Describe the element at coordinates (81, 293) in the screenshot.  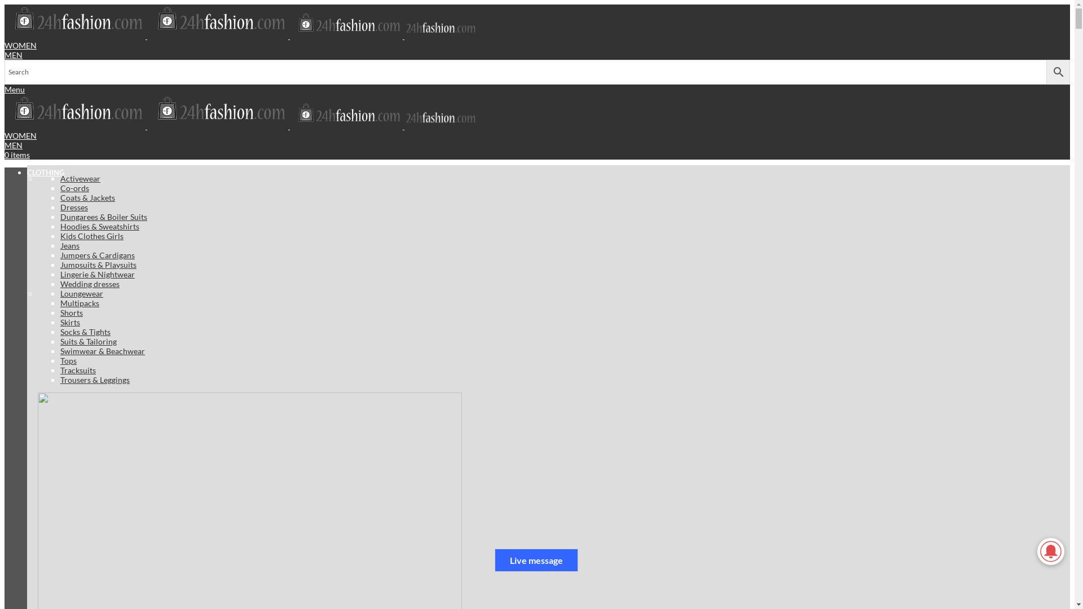
I see `'Loungewear'` at that location.